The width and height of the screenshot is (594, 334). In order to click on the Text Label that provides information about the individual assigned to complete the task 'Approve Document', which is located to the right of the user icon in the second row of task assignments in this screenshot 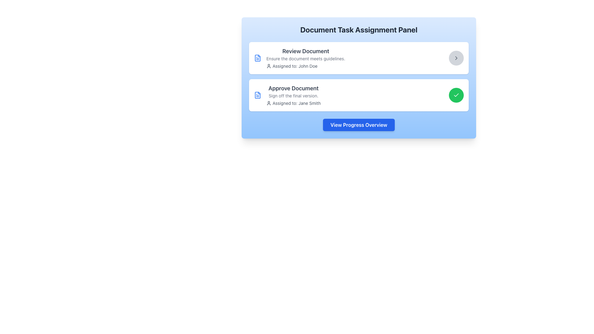, I will do `click(296, 103)`.